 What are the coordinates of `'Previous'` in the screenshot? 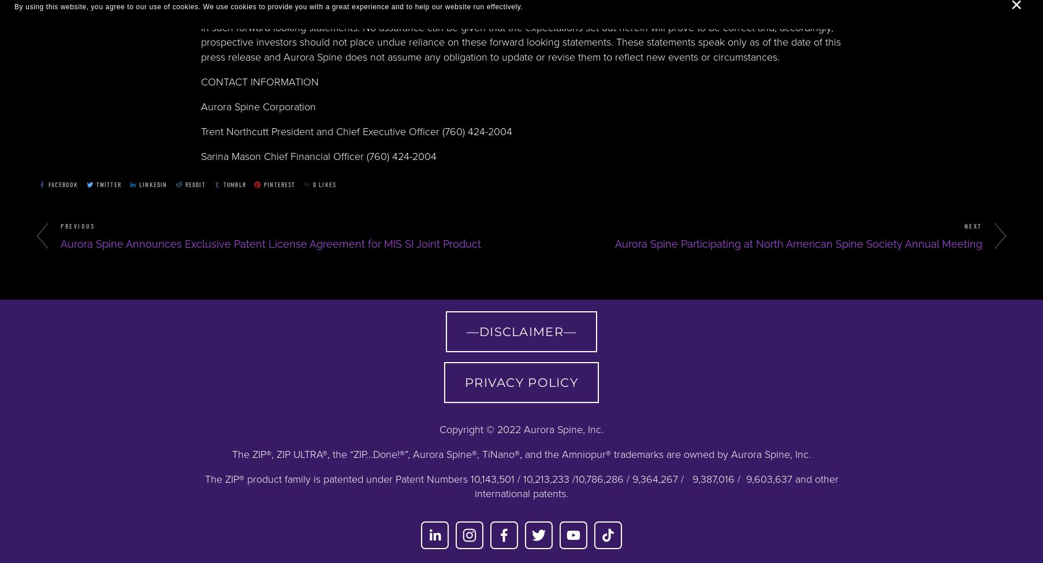 It's located at (77, 225).